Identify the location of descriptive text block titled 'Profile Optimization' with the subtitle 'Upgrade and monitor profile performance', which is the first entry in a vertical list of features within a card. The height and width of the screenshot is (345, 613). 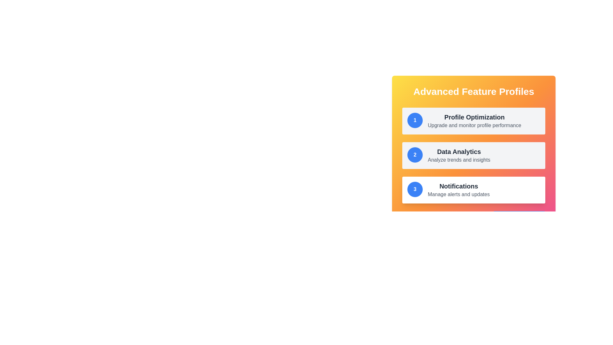
(474, 121).